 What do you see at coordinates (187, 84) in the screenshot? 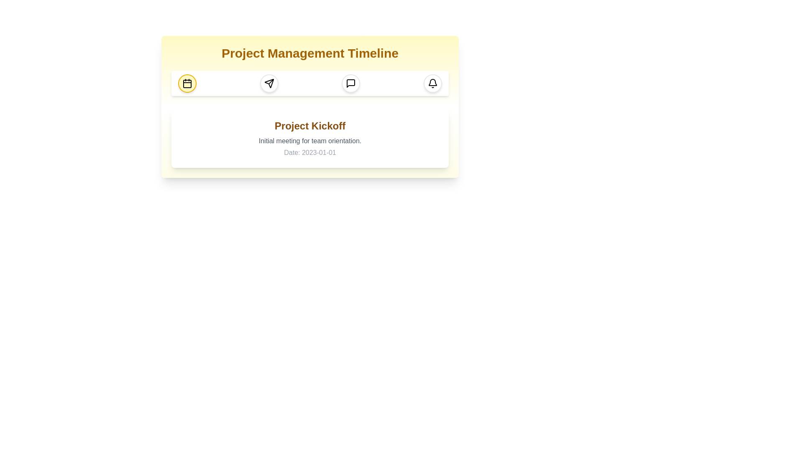
I see `the circular button with a yellow outline and calendar icon in the 'Project Management Timeline' panel` at bounding box center [187, 84].